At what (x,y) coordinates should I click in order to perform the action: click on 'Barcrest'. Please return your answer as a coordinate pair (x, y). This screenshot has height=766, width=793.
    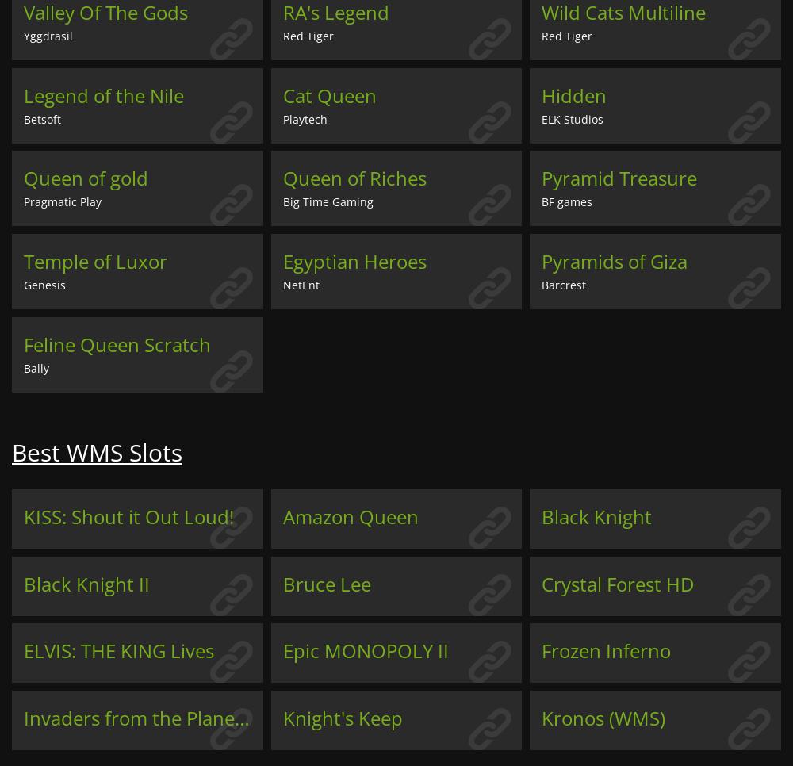
    Looking at the image, I should click on (563, 284).